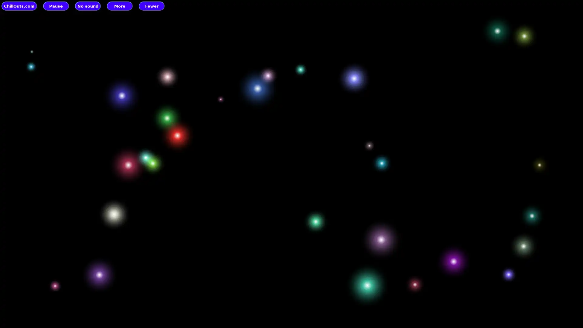 The height and width of the screenshot is (328, 583). What do you see at coordinates (152, 6) in the screenshot?
I see `Fewer` at bounding box center [152, 6].